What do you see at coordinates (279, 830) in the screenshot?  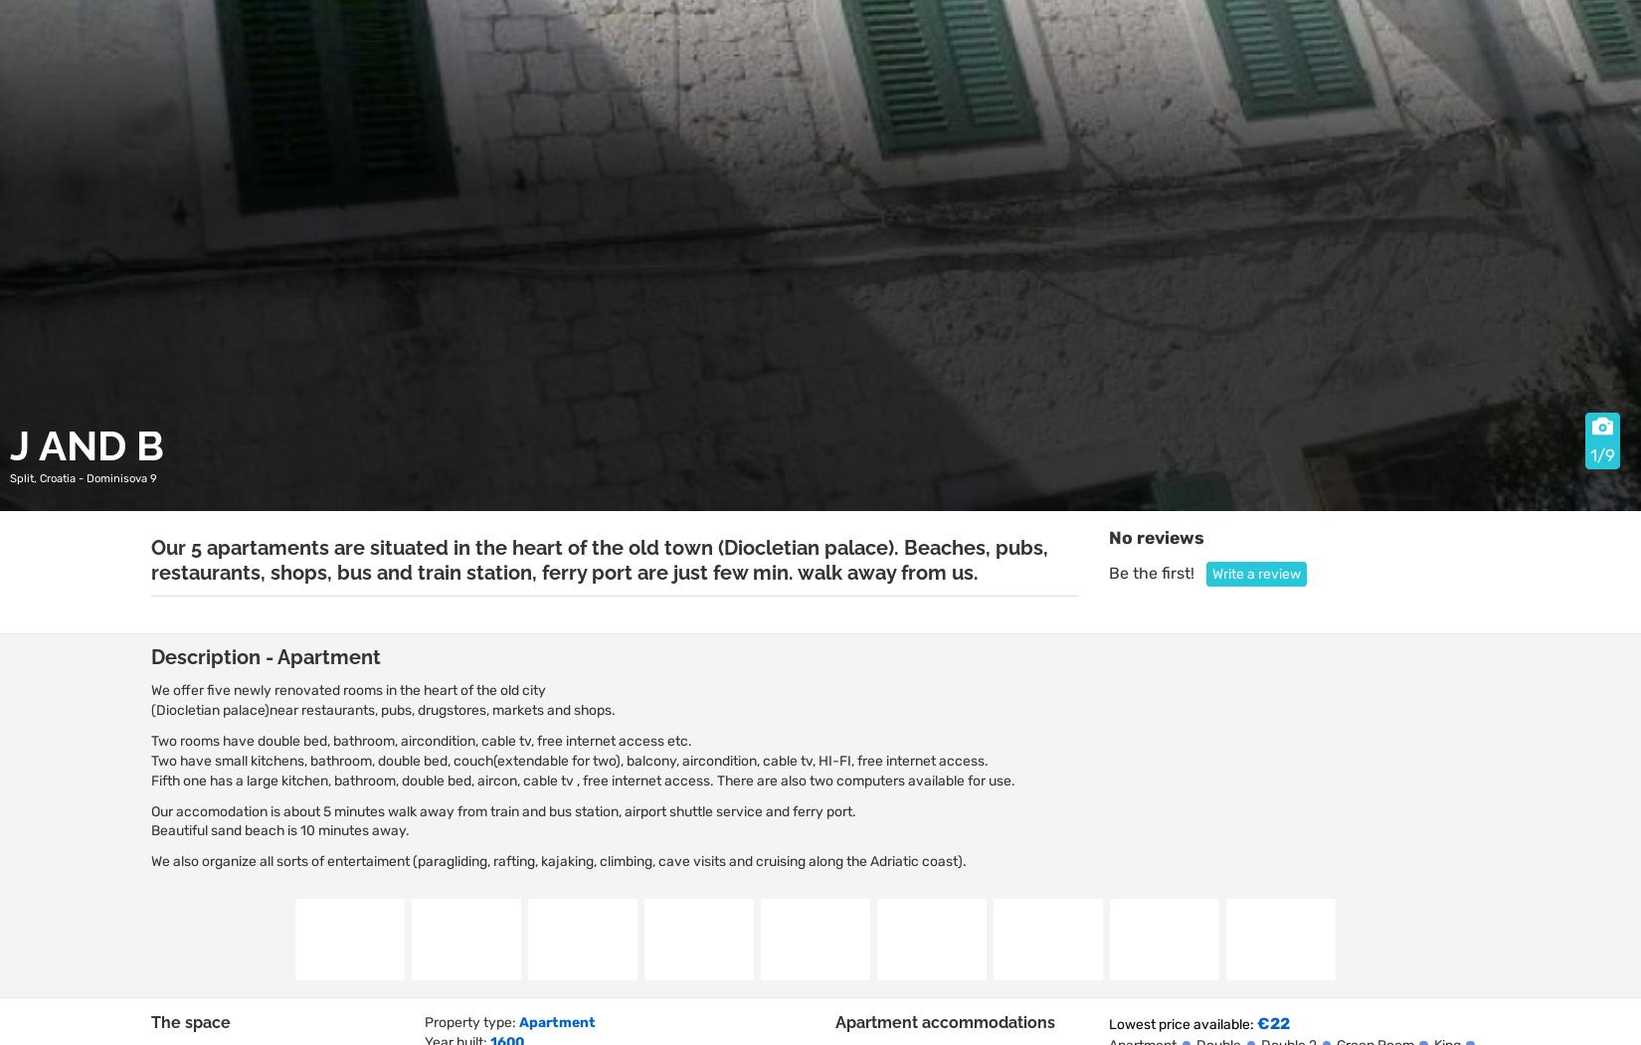 I see `'Beautiful sand beach is 10 minutes away.'` at bounding box center [279, 830].